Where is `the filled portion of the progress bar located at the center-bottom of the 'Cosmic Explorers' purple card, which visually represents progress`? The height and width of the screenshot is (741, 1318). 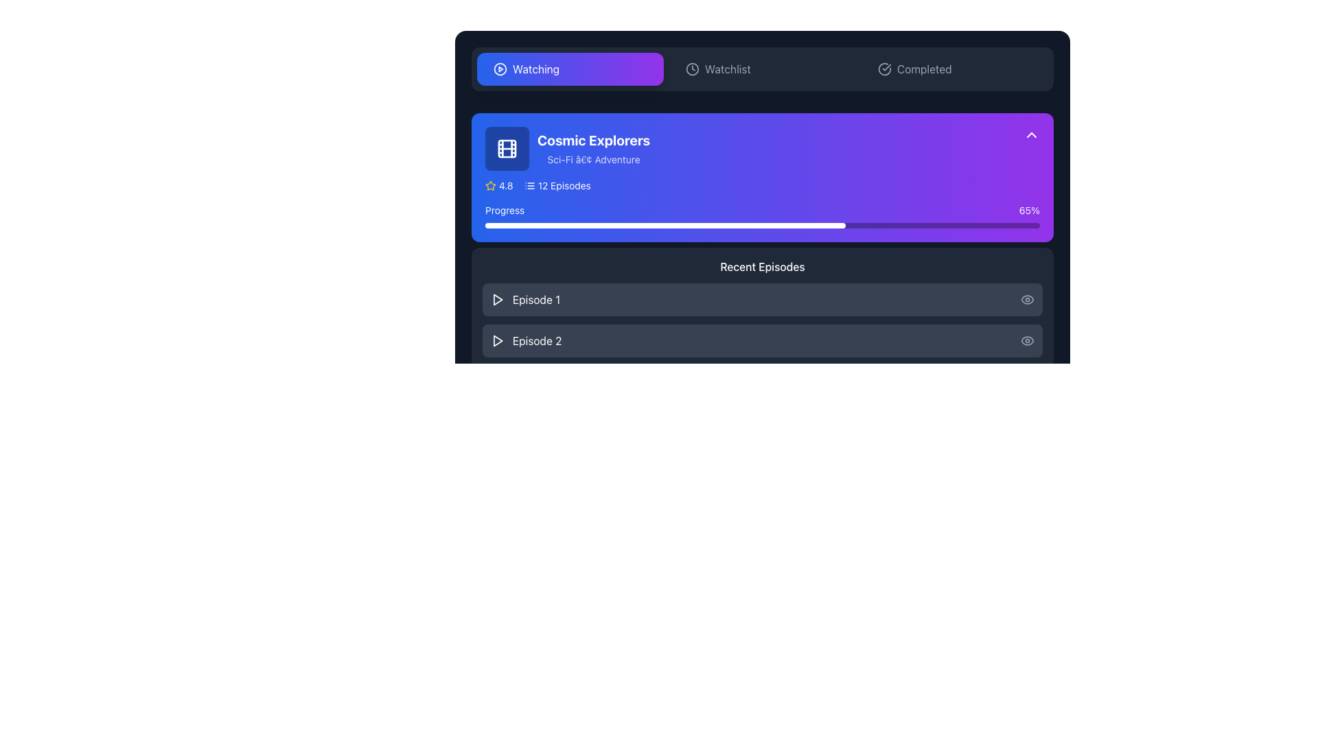
the filled portion of the progress bar located at the center-bottom of the 'Cosmic Explorers' purple card, which visually represents progress is located at coordinates (665, 224).